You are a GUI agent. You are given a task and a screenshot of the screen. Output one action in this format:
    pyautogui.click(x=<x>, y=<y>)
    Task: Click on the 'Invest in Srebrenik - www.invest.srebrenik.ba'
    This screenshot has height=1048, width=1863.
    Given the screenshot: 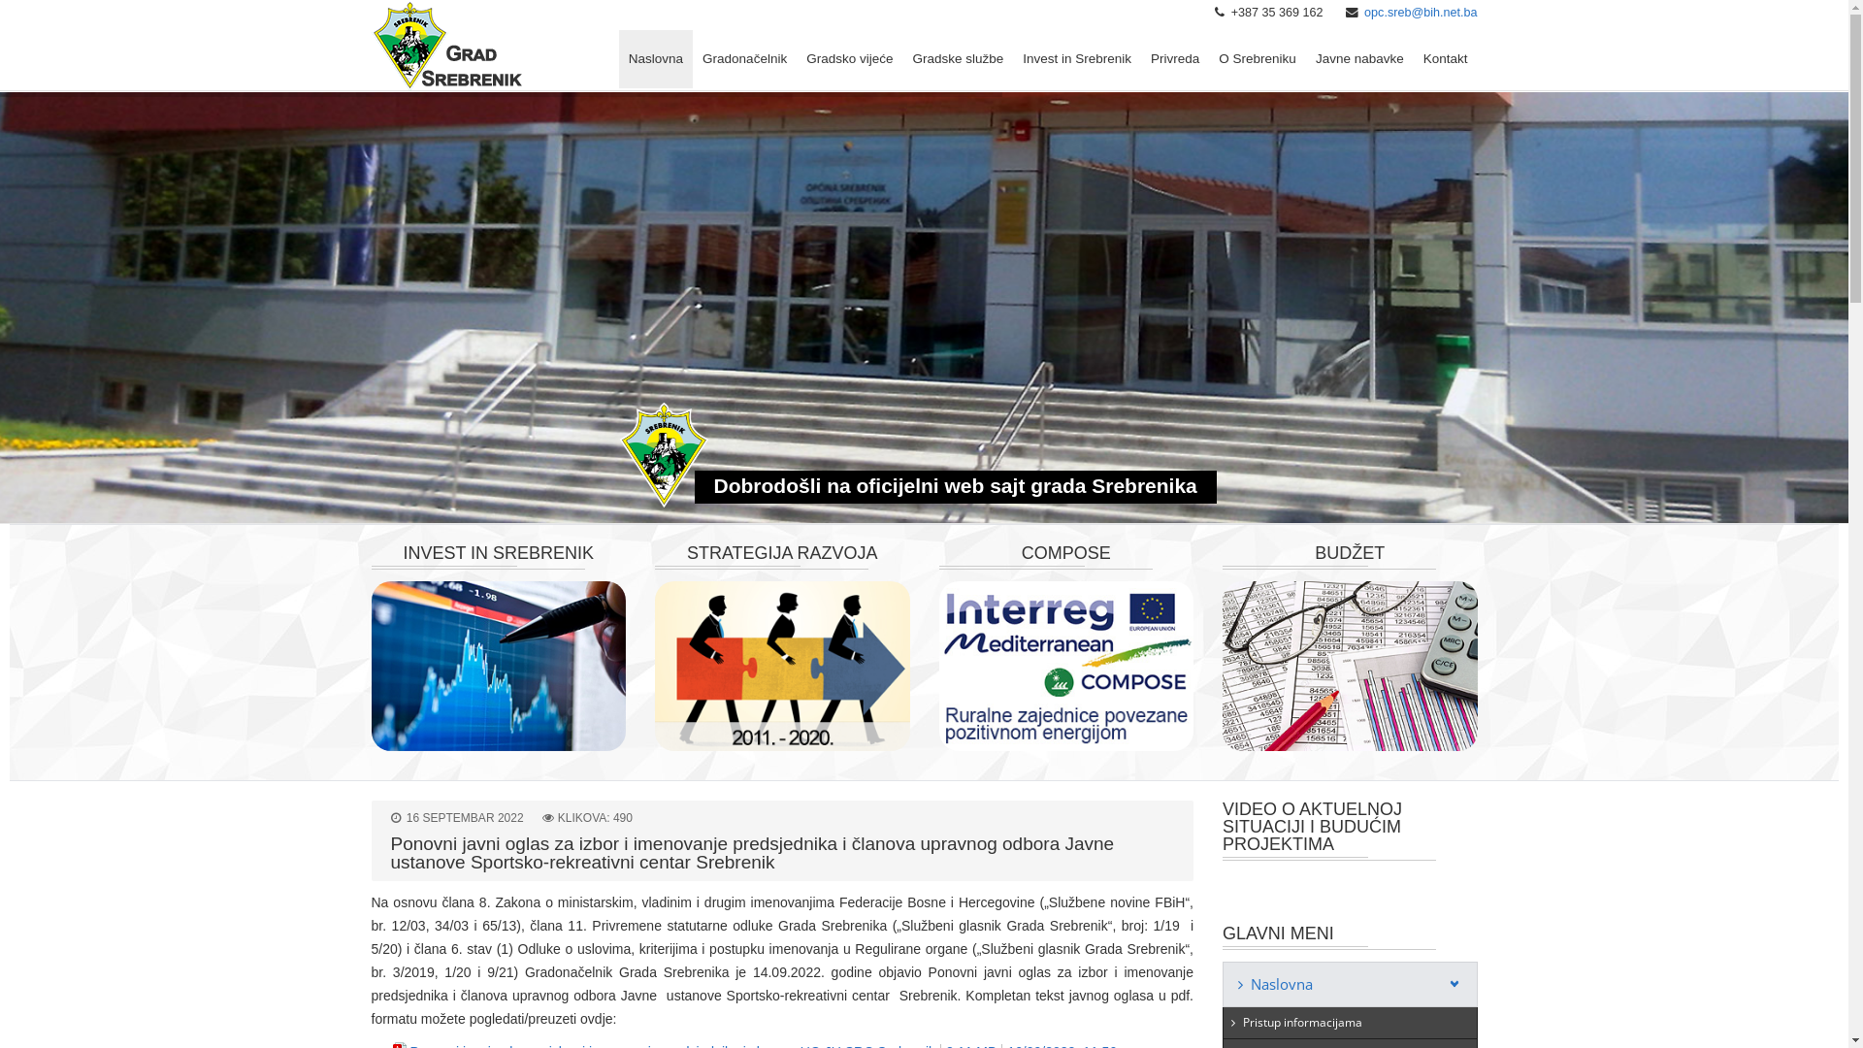 What is the action you would take?
    pyautogui.click(x=498, y=665)
    